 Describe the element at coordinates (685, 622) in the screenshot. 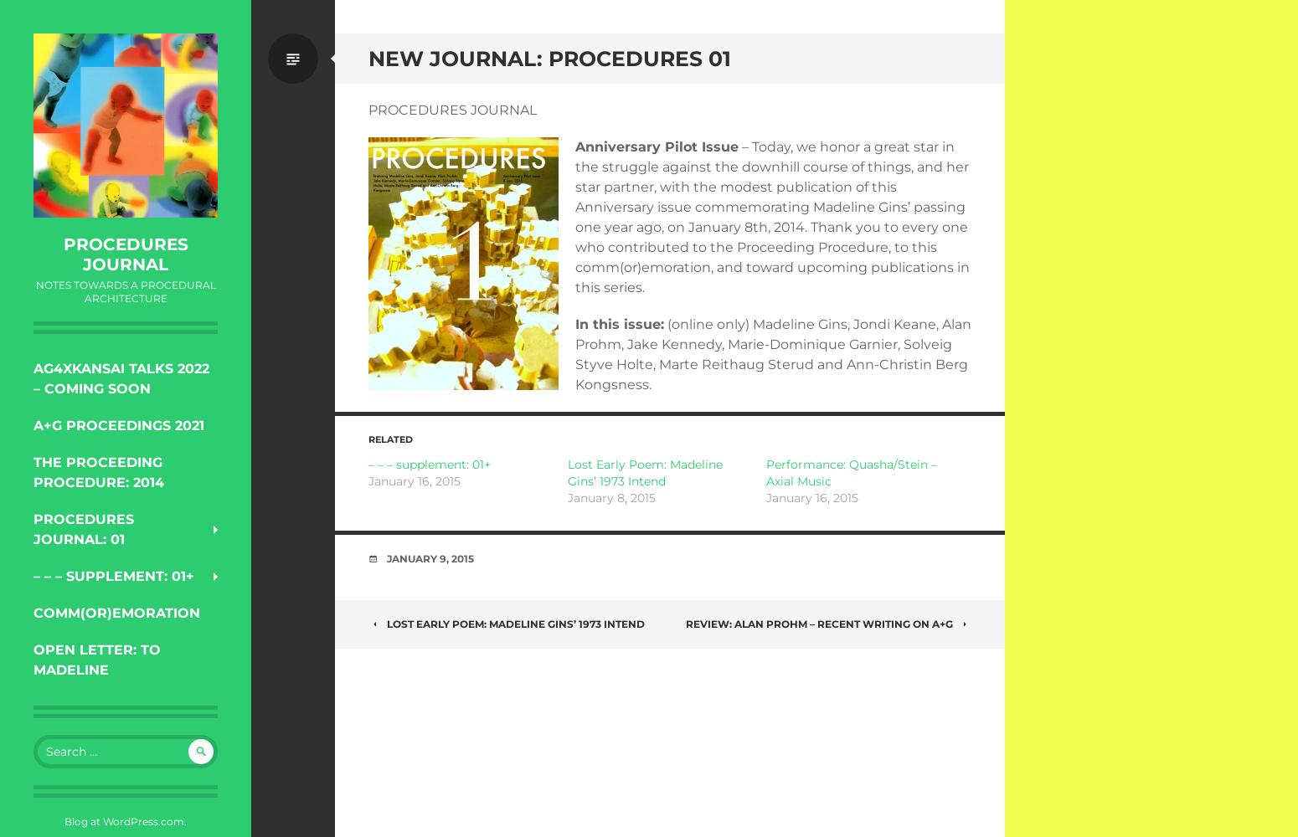

I see `'REVIEW: Alan Prohm – Recent Writing on A+G'` at that location.